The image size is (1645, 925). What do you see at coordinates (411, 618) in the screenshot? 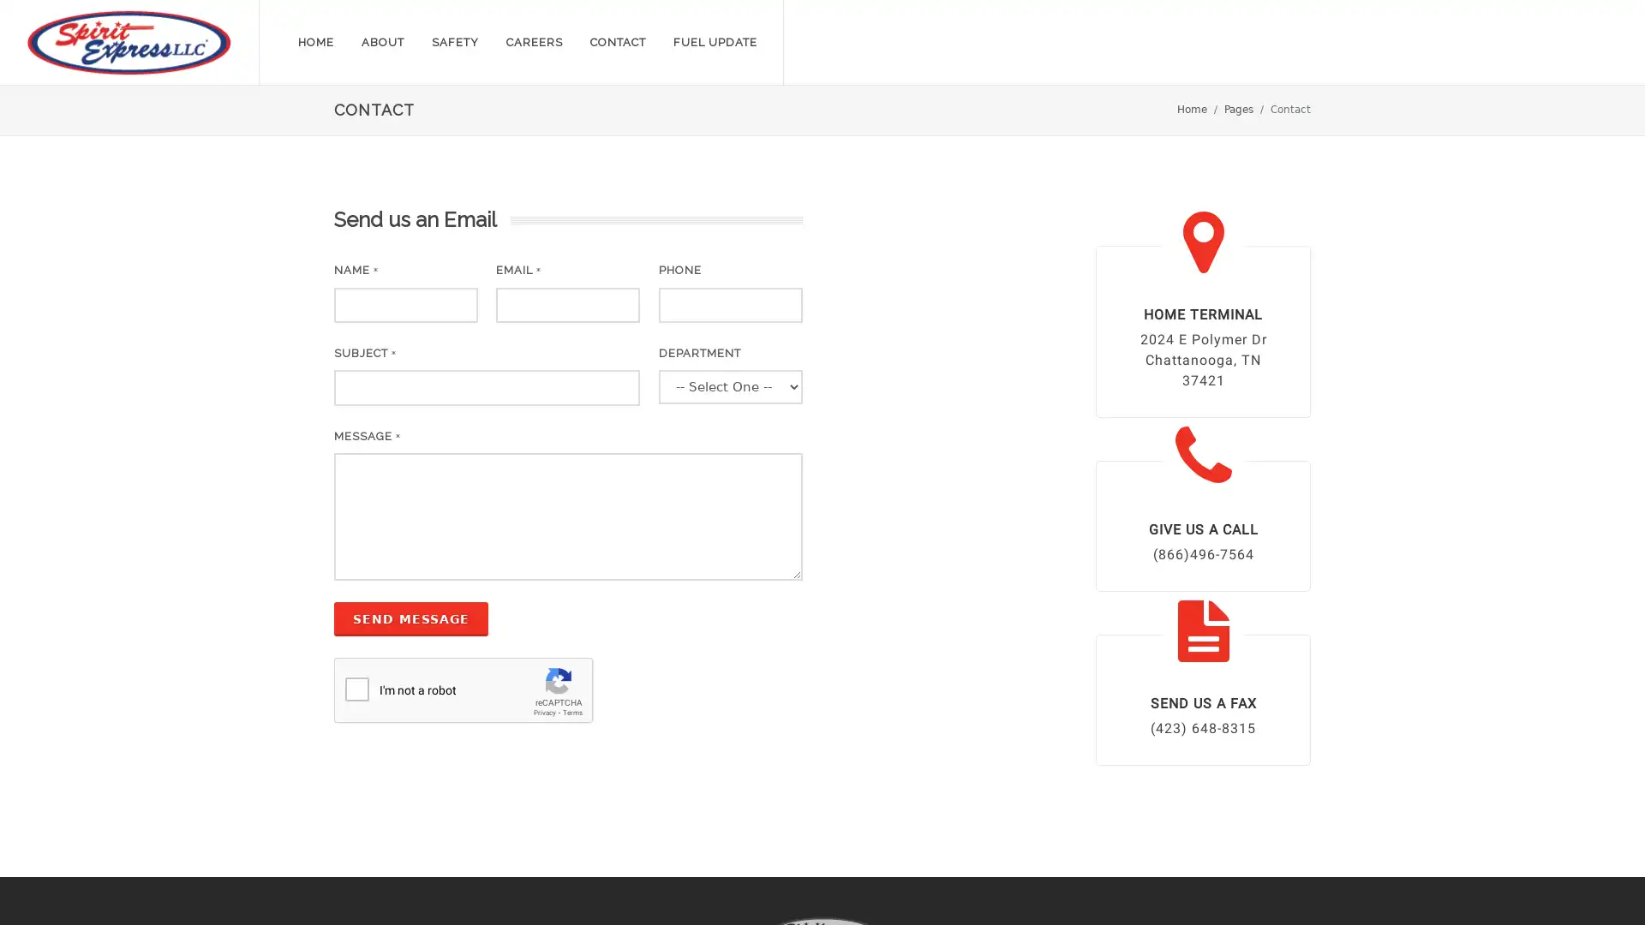
I see `SEND MESSAGE` at bounding box center [411, 618].